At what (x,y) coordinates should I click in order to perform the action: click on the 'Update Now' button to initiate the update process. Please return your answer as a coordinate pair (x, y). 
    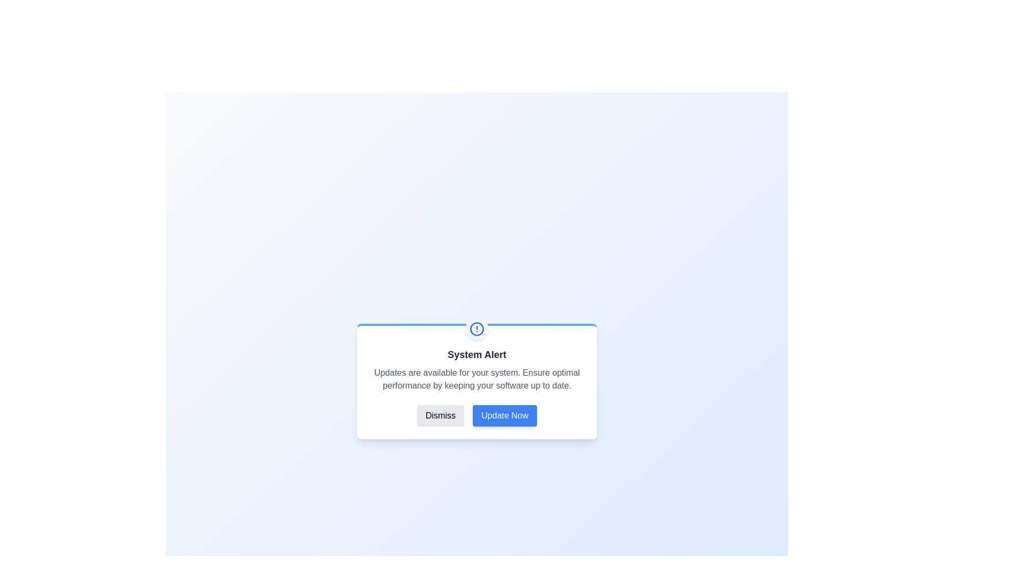
    Looking at the image, I should click on (504, 415).